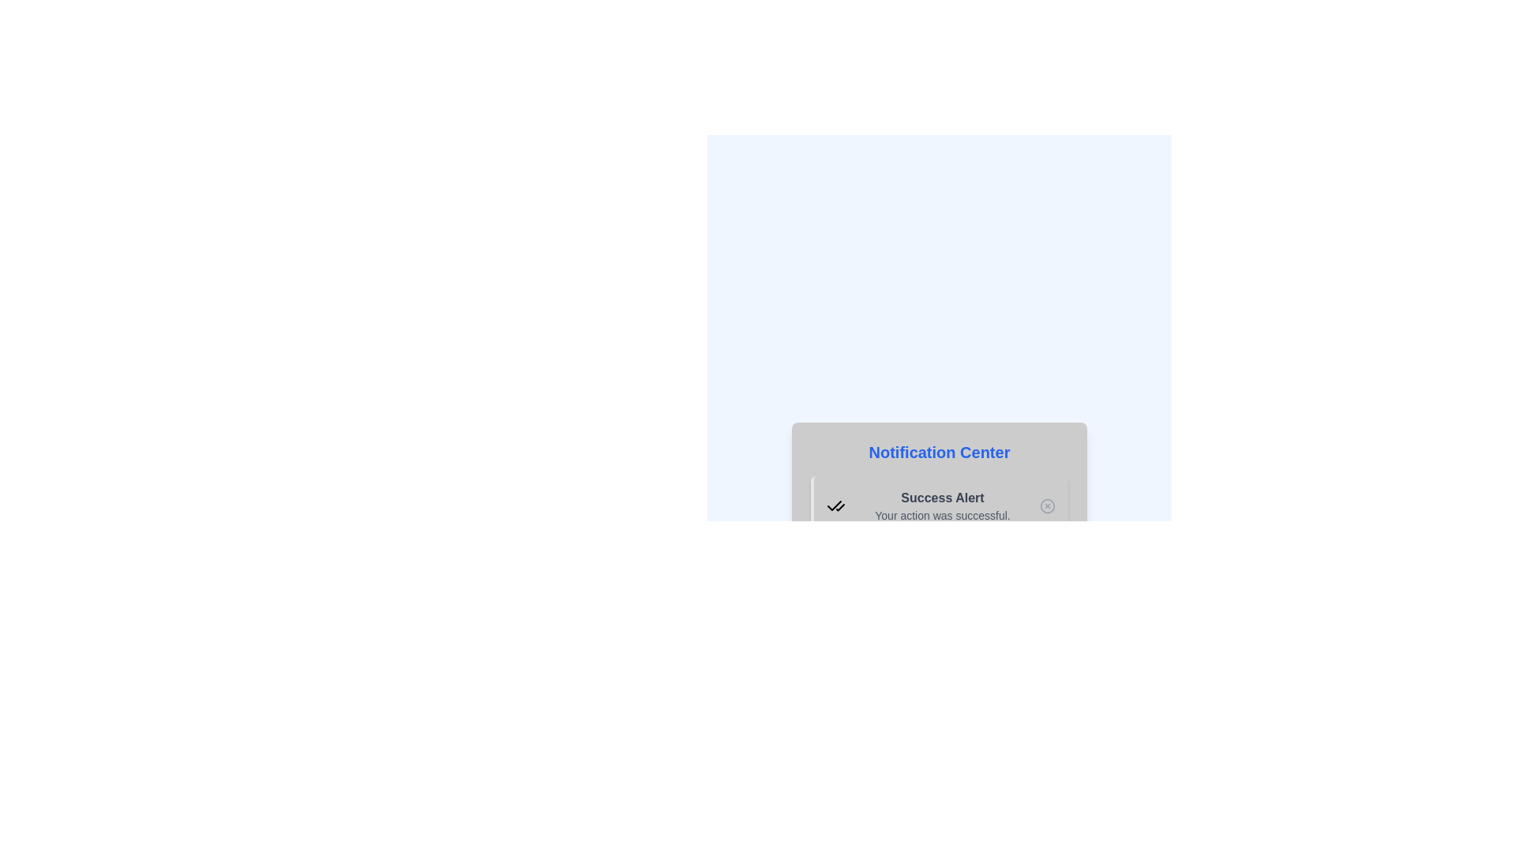 This screenshot has height=853, width=1516. Describe the element at coordinates (1047, 505) in the screenshot. I see `the Decorative Icon located in the top-right corner of the 'Success Alert' notification widget` at that location.